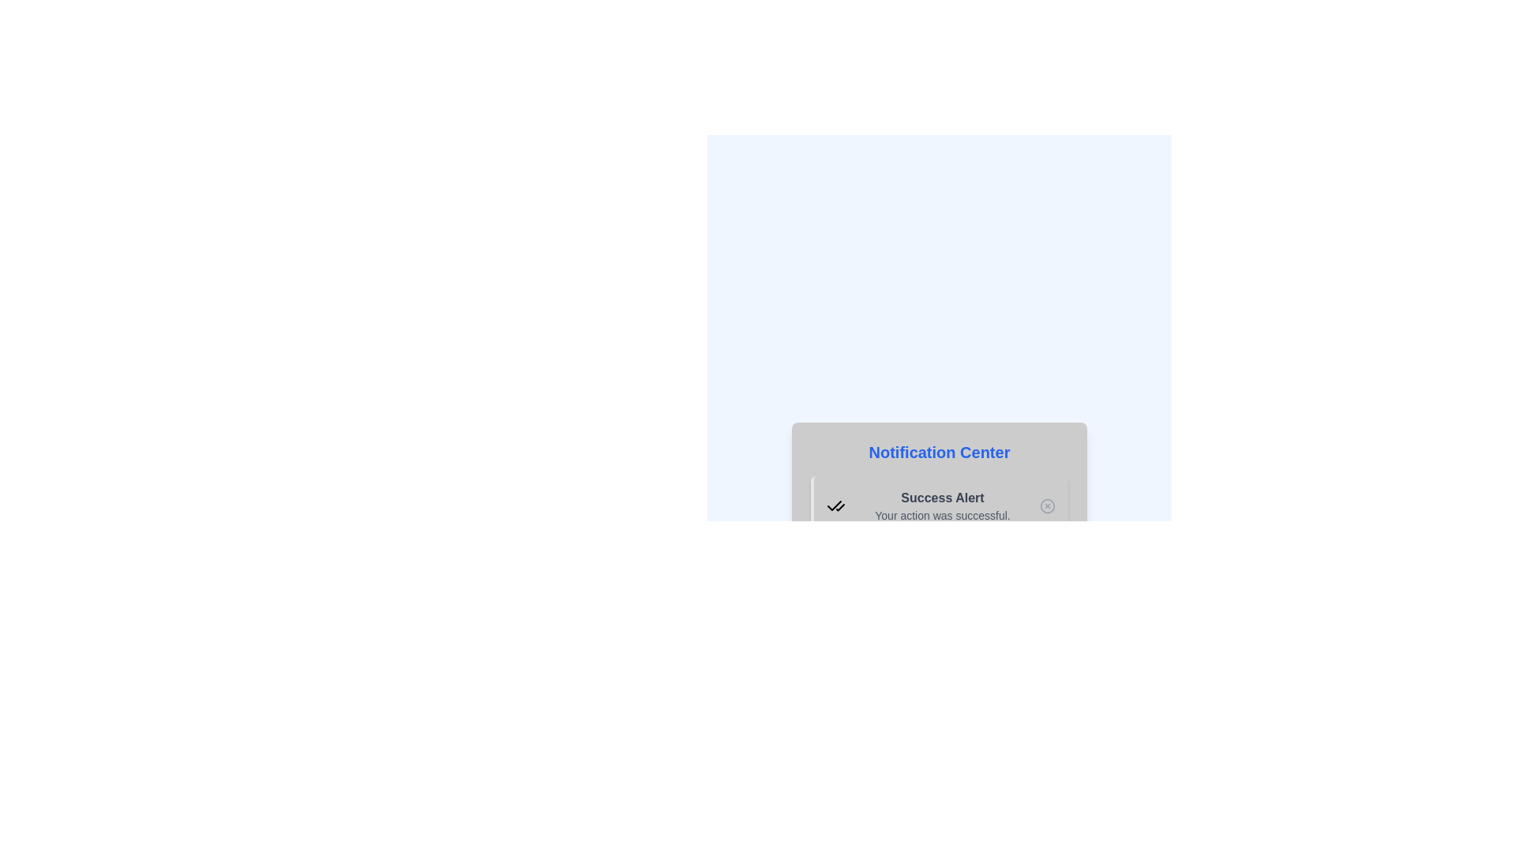 This screenshot has height=853, width=1516. Describe the element at coordinates (1047, 505) in the screenshot. I see `the Decorative Icon located in the top-right corner of the 'Success Alert' notification widget` at that location.